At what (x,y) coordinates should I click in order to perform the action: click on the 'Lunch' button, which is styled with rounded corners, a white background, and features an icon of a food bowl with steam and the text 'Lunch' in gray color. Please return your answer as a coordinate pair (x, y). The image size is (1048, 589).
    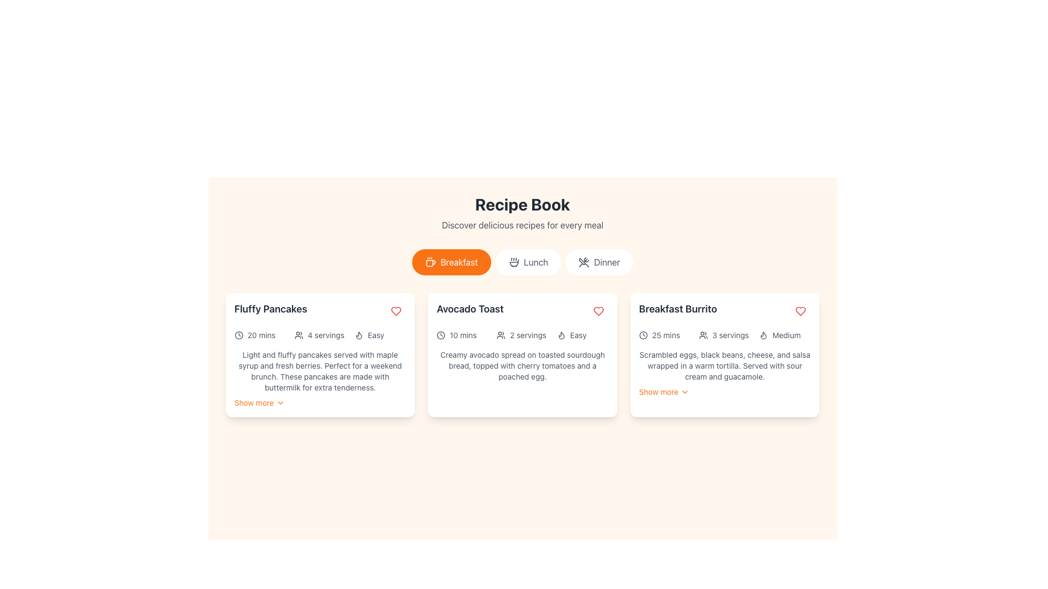
    Looking at the image, I should click on (528, 262).